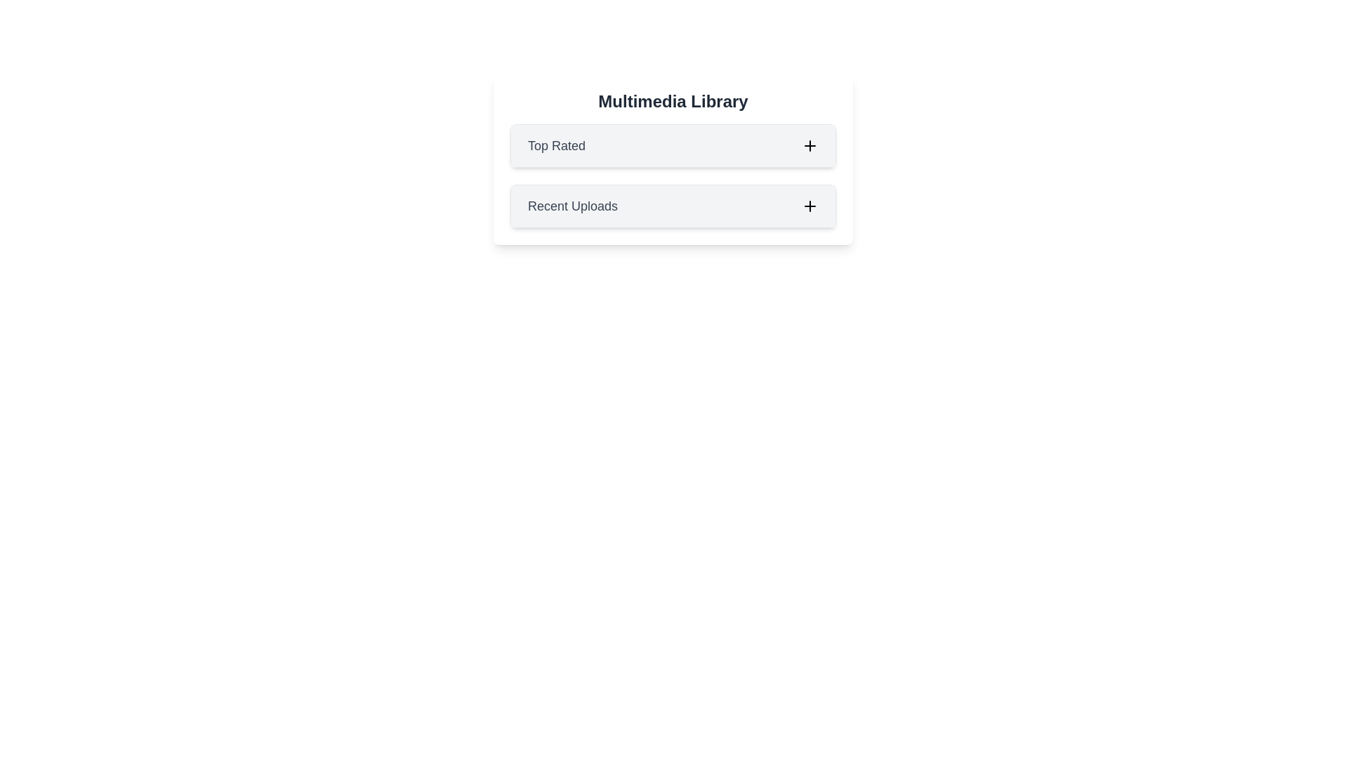 The image size is (1348, 758). What do you see at coordinates (673, 206) in the screenshot?
I see `the header of the category Recent Uploads to toggle its expanded state` at bounding box center [673, 206].